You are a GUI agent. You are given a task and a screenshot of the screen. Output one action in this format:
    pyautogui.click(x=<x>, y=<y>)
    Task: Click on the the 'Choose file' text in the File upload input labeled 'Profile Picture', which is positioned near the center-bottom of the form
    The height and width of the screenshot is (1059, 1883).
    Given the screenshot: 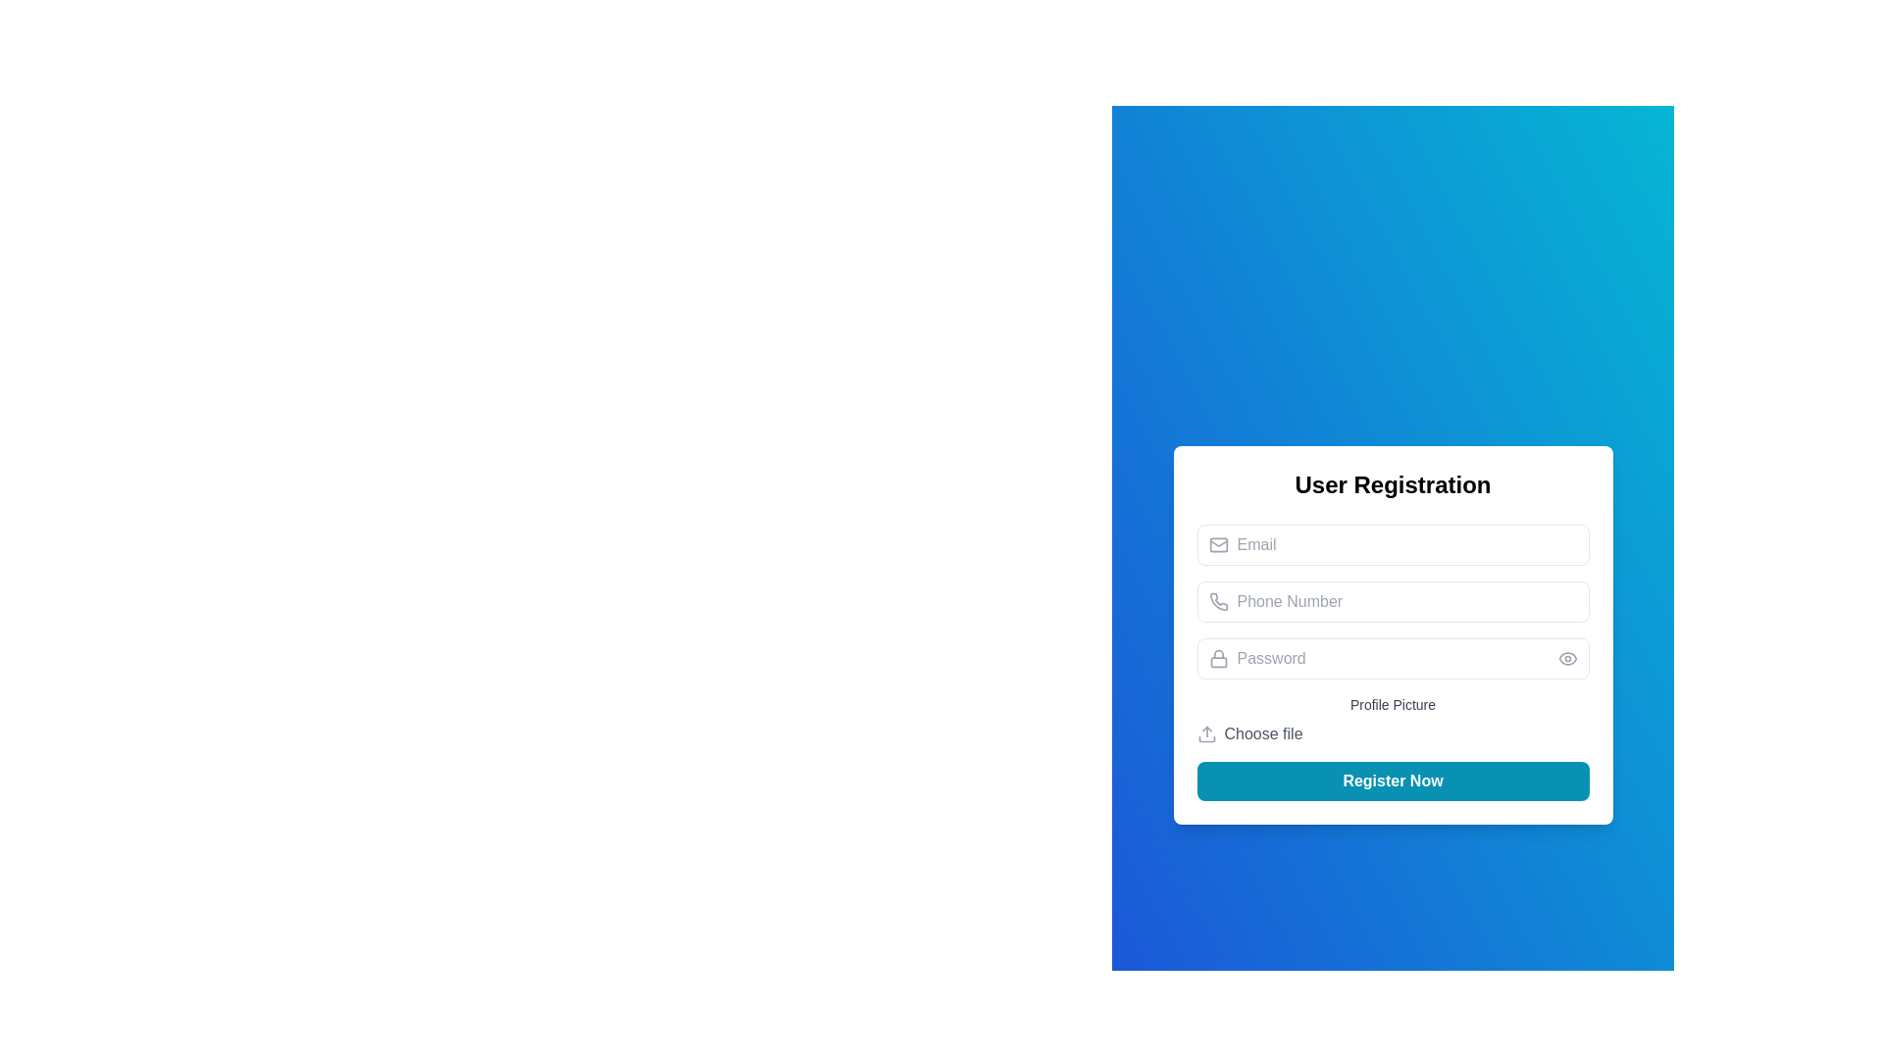 What is the action you would take?
    pyautogui.click(x=1392, y=721)
    